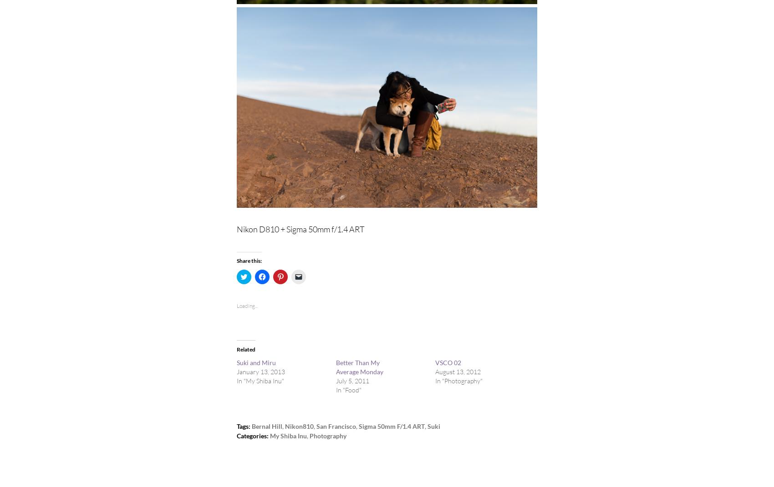 The height and width of the screenshot is (487, 774). Describe the element at coordinates (246, 305) in the screenshot. I see `'Loading...'` at that location.